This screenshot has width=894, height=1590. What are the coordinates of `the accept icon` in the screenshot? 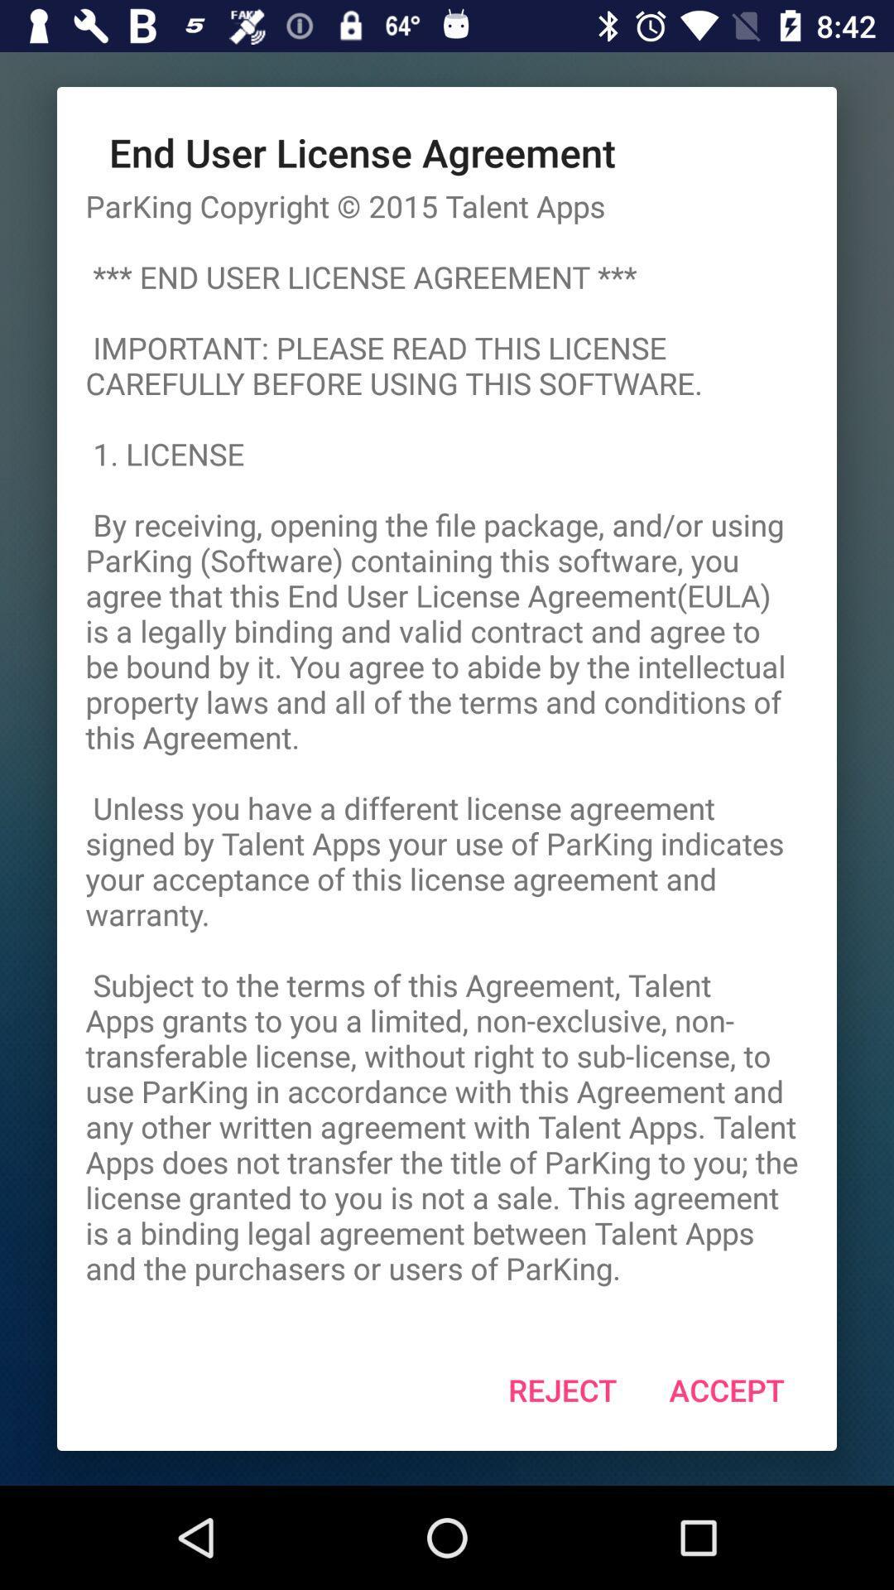 It's located at (726, 1390).